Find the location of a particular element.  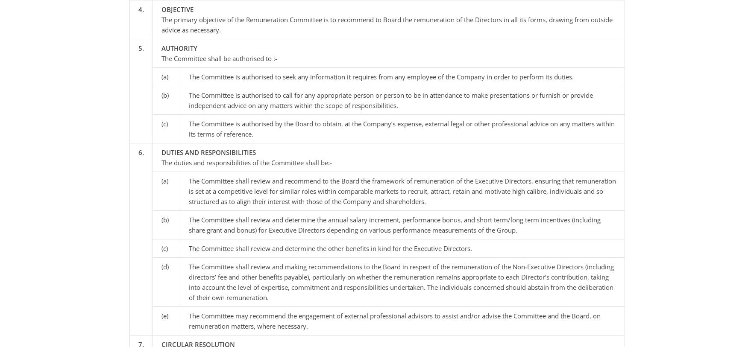

'The duties and responsibilities of the Committee shall be:-' is located at coordinates (246, 162).